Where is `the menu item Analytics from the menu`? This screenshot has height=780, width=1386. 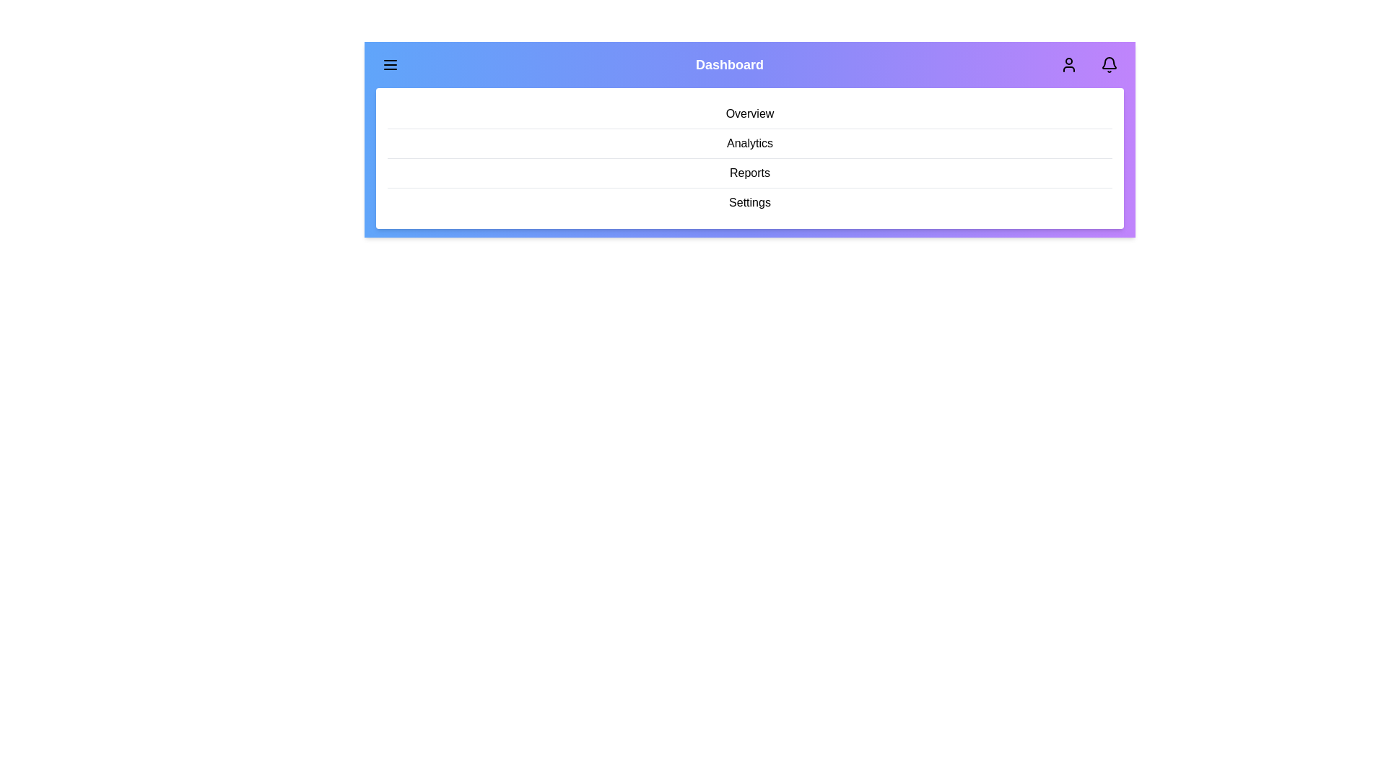 the menu item Analytics from the menu is located at coordinates (749, 144).